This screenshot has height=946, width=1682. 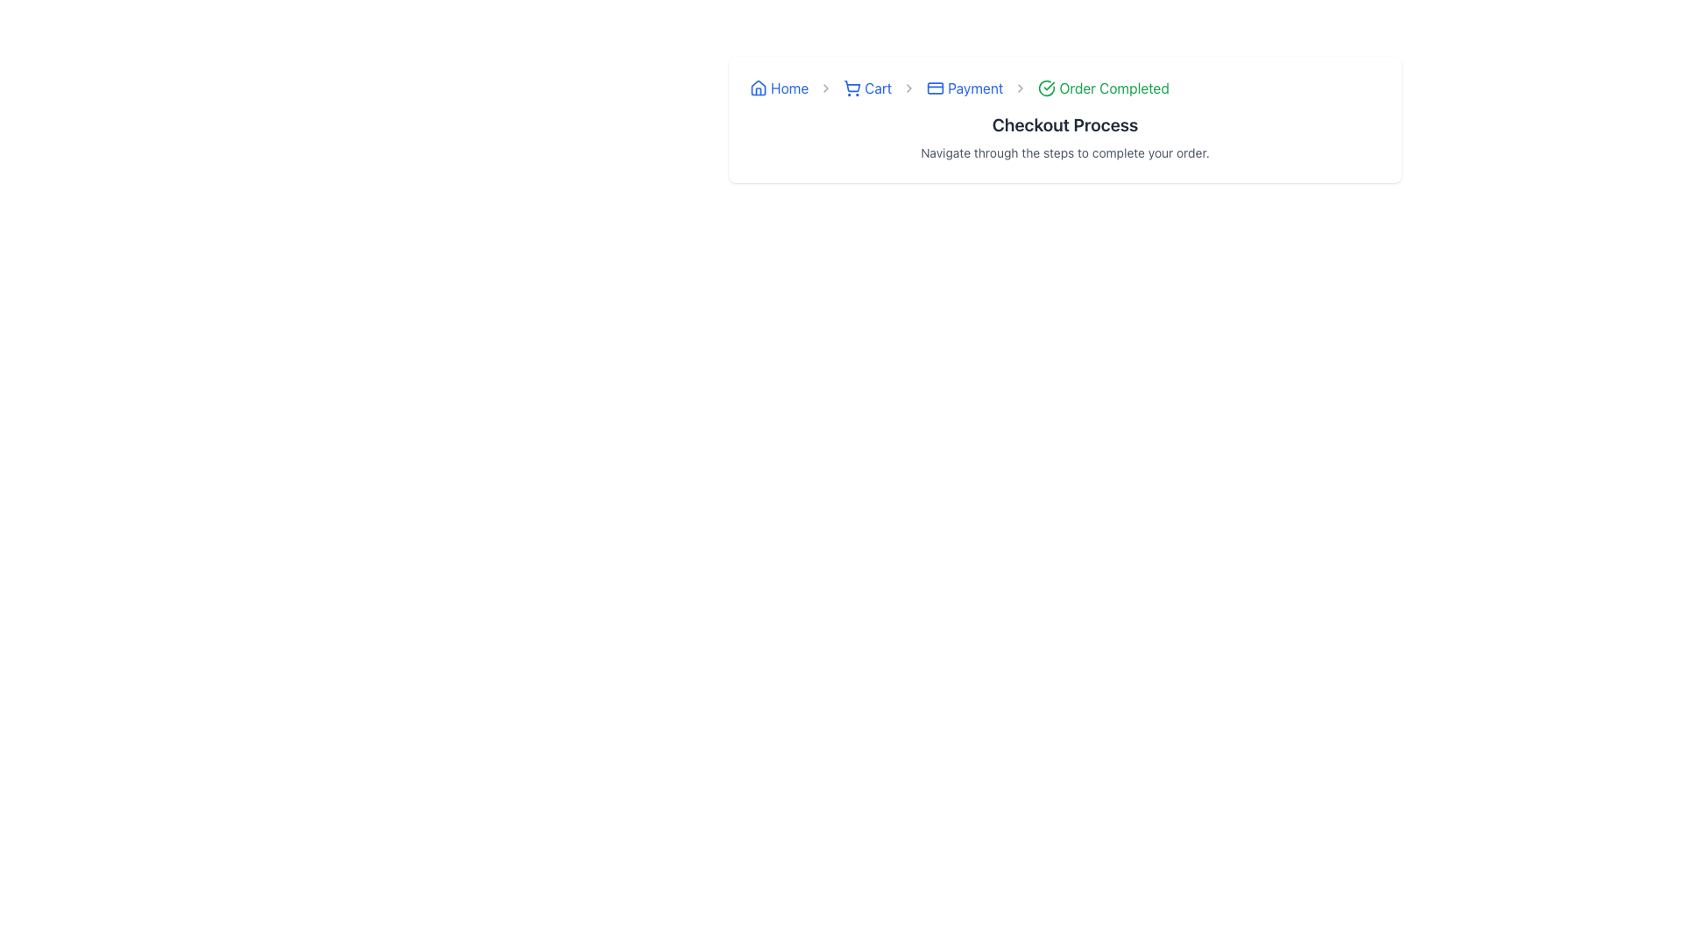 I want to click on the right-facing chevron icon used for navigation in the breadcrumb navigation bar, located between the 'Cart' and 'Payment' text components, so click(x=909, y=88).